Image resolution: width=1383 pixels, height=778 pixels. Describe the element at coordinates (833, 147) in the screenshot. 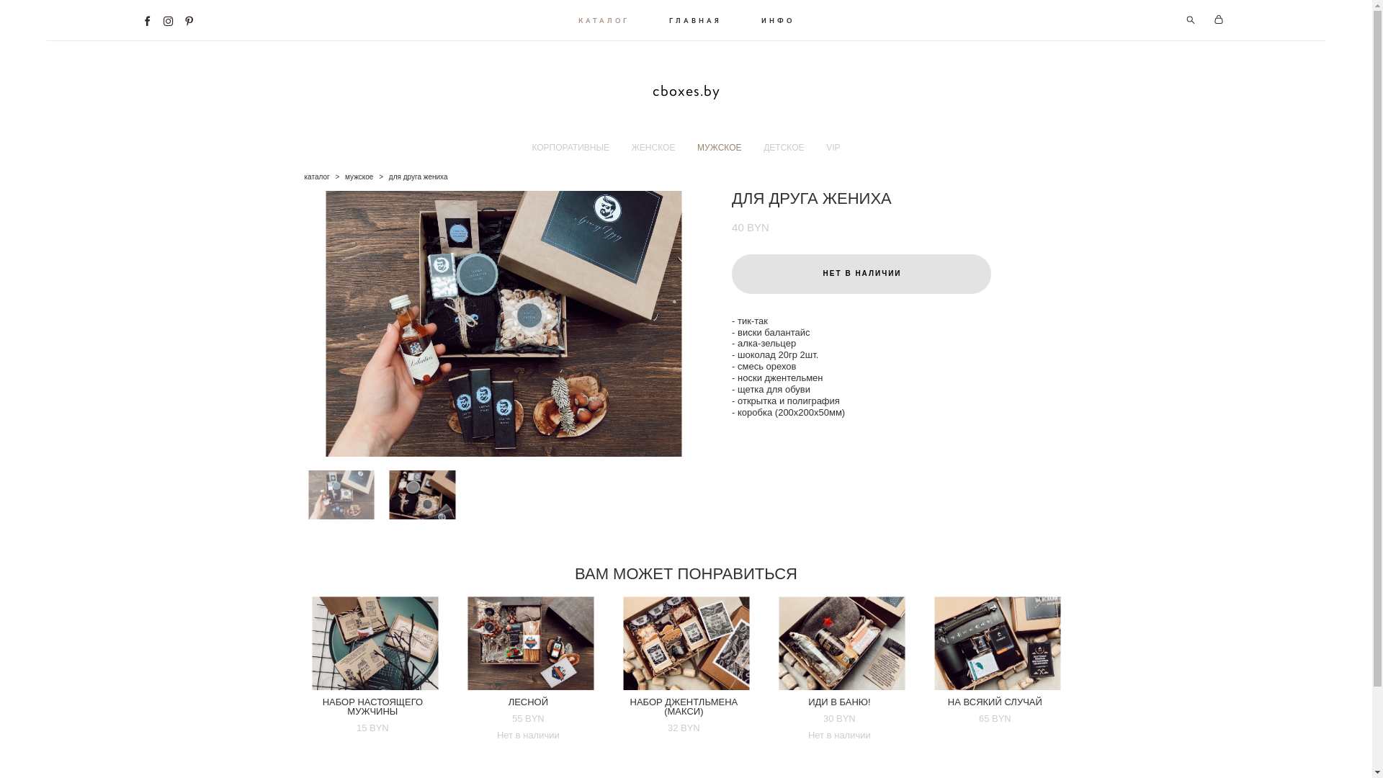

I see `'VIP'` at that location.